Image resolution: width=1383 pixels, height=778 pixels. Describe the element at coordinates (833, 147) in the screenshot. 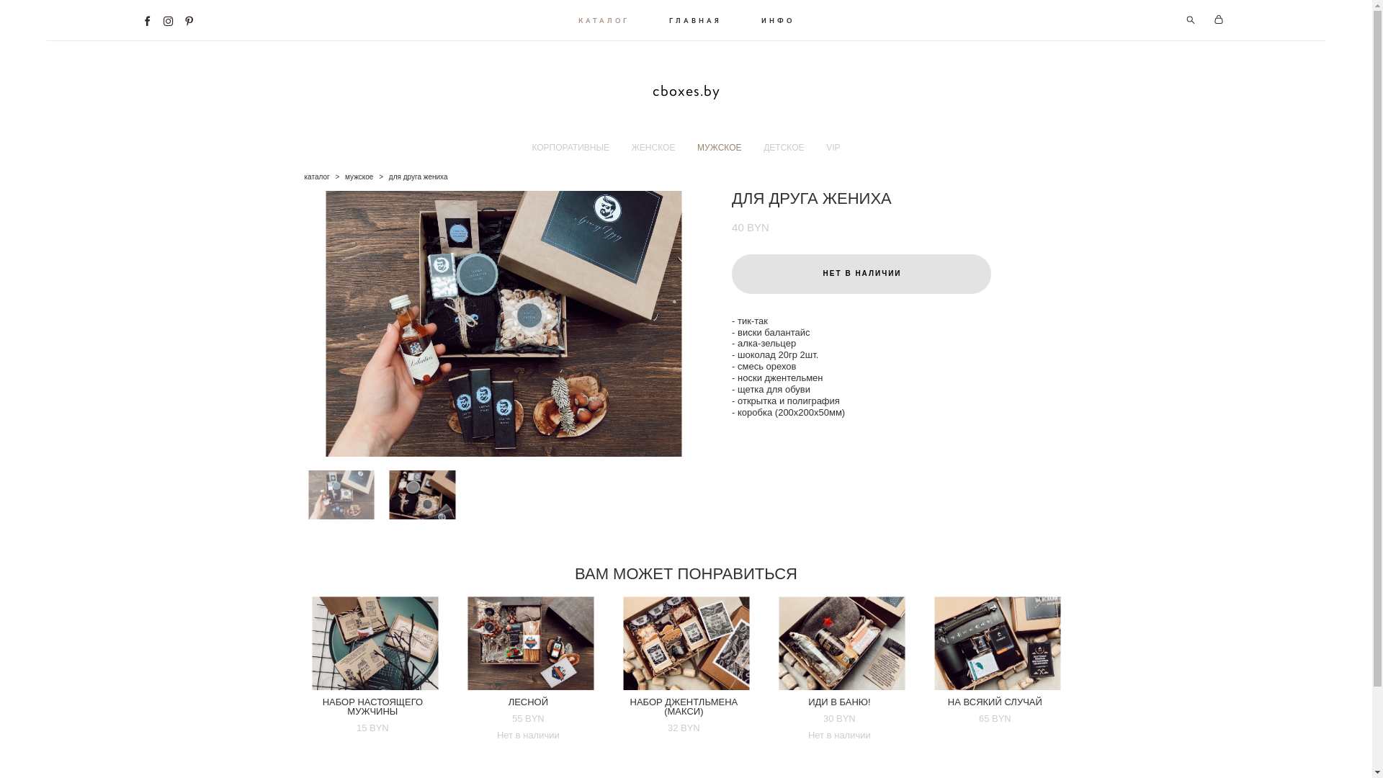

I see `'VIP'` at that location.